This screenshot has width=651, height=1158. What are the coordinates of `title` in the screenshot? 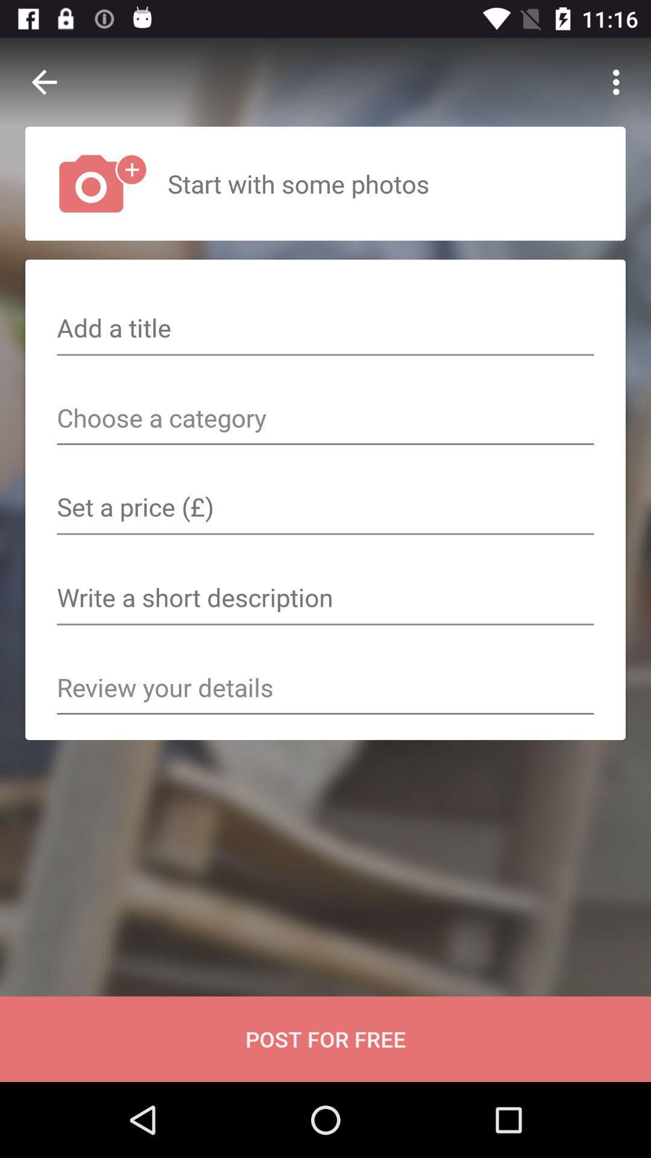 It's located at (325, 329).